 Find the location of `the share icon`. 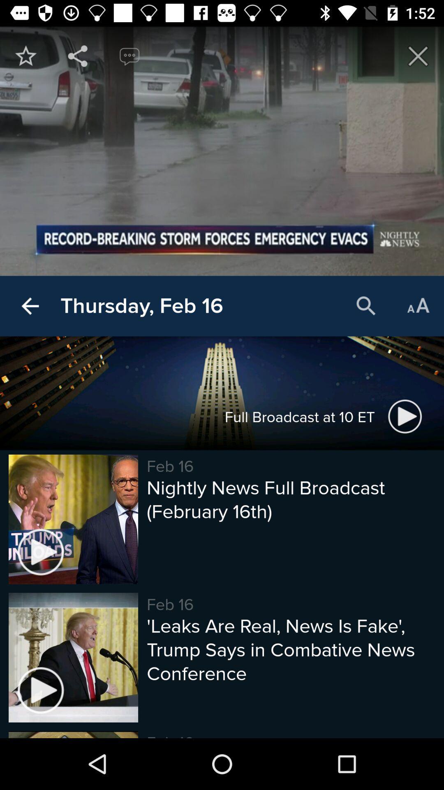

the share icon is located at coordinates (78, 56).